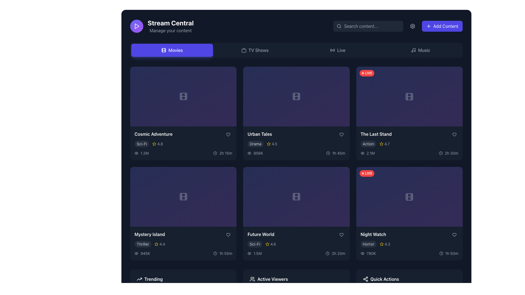 This screenshot has width=525, height=295. I want to click on the text label displaying '1.5M' which is located below the small eye icon in the viewer information area of the 'Future World' card in the 'Movies' section, so click(257, 253).